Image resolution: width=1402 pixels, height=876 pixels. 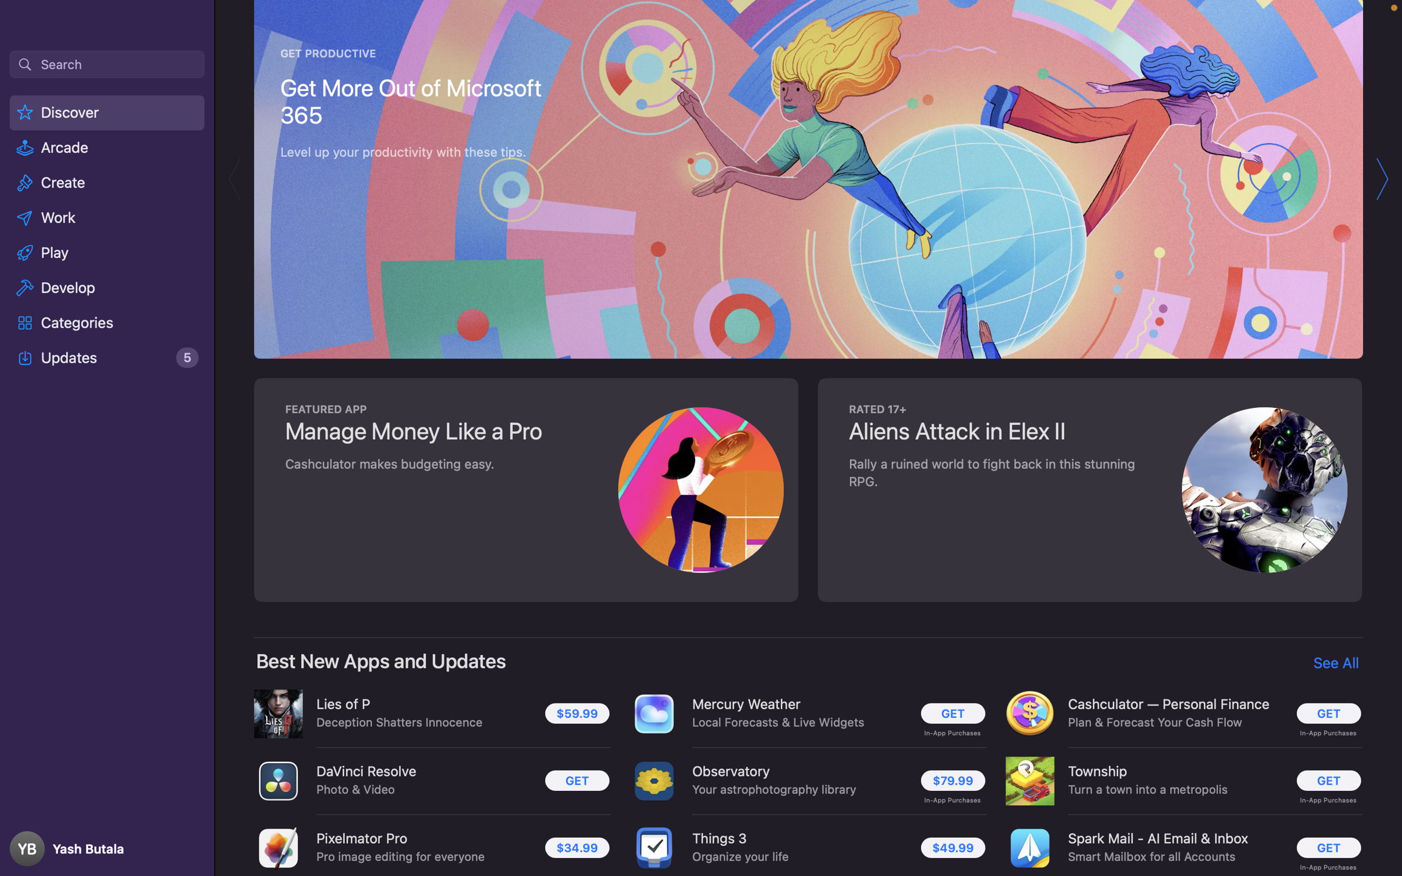 What do you see at coordinates (1325, 849) in the screenshot?
I see `up the "Spark Mail - AI Email & Inbox" application on your system` at bounding box center [1325, 849].